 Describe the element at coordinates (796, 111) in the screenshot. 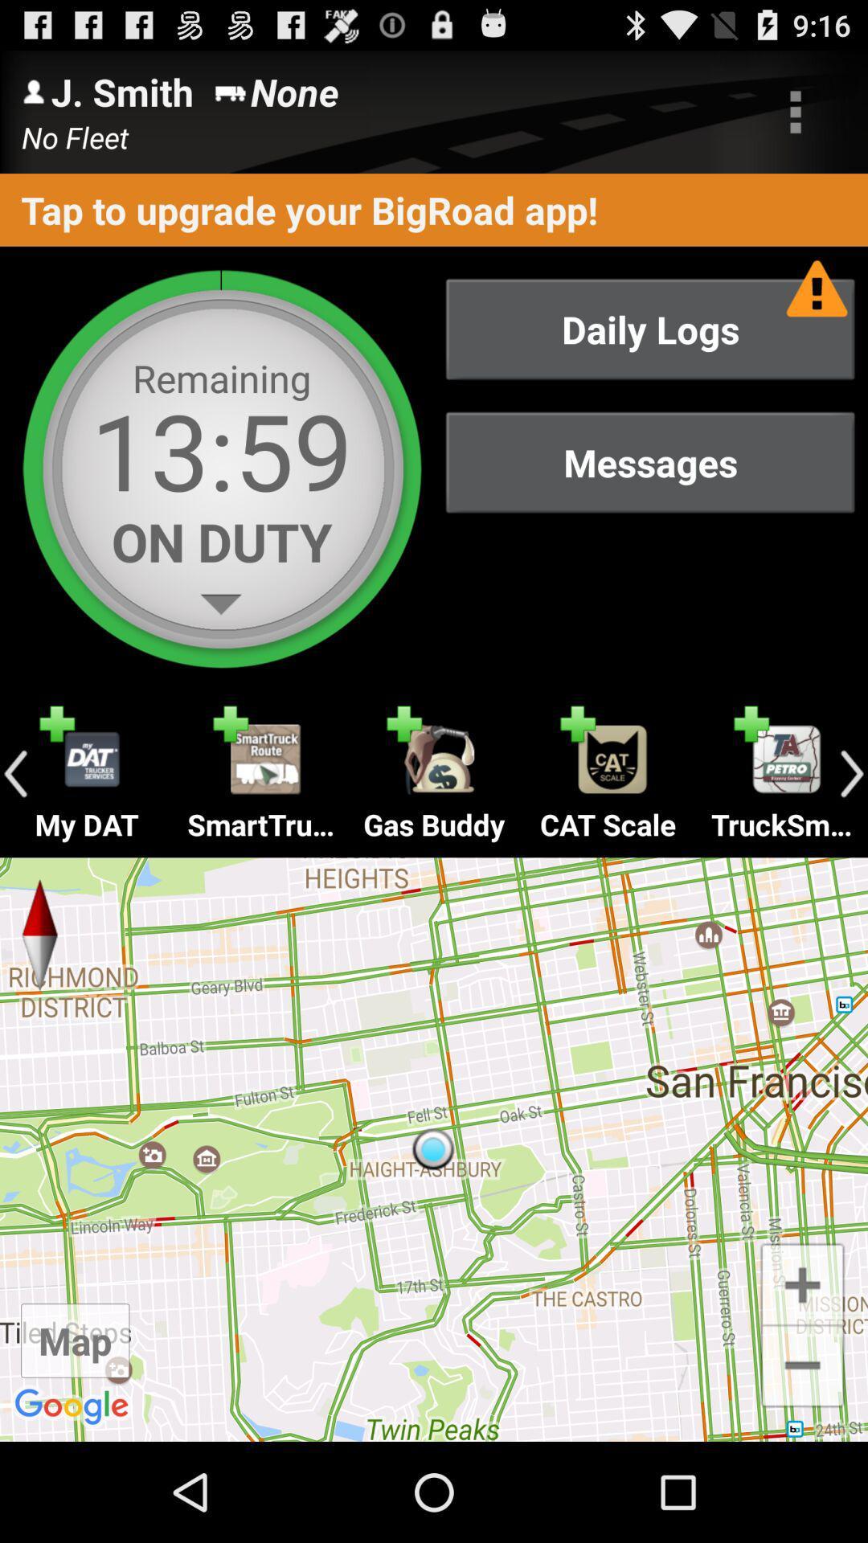

I see `item next to none` at that location.